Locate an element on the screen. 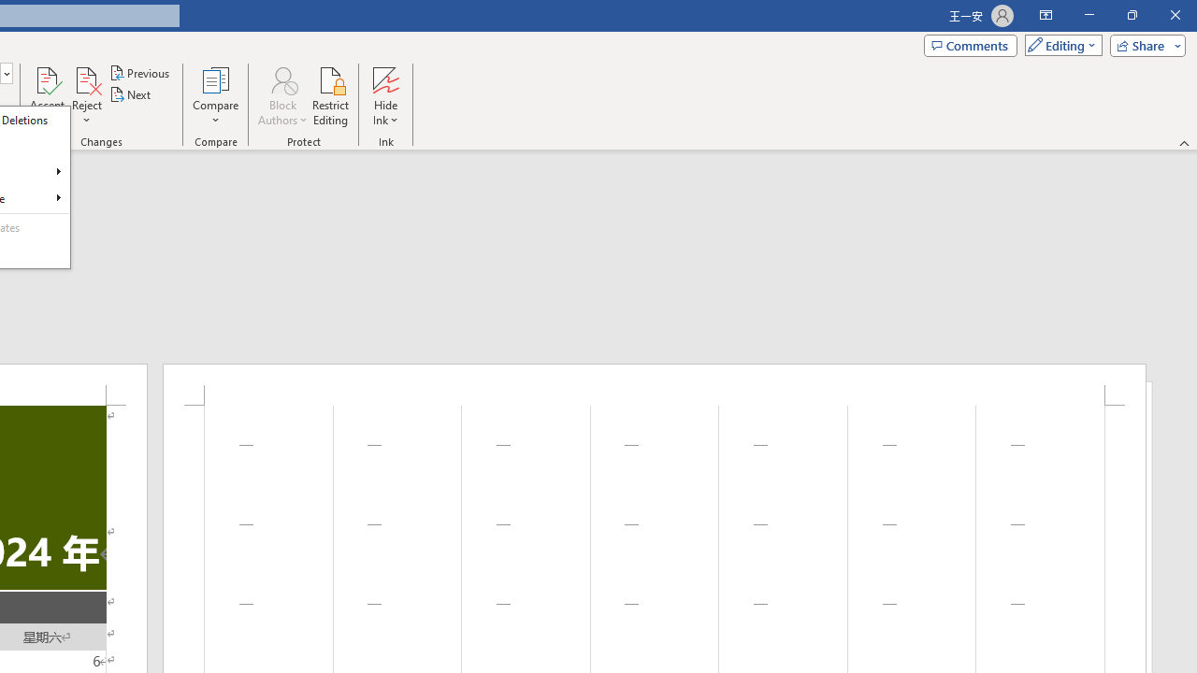  'Restrict Editing' is located at coordinates (330, 96).